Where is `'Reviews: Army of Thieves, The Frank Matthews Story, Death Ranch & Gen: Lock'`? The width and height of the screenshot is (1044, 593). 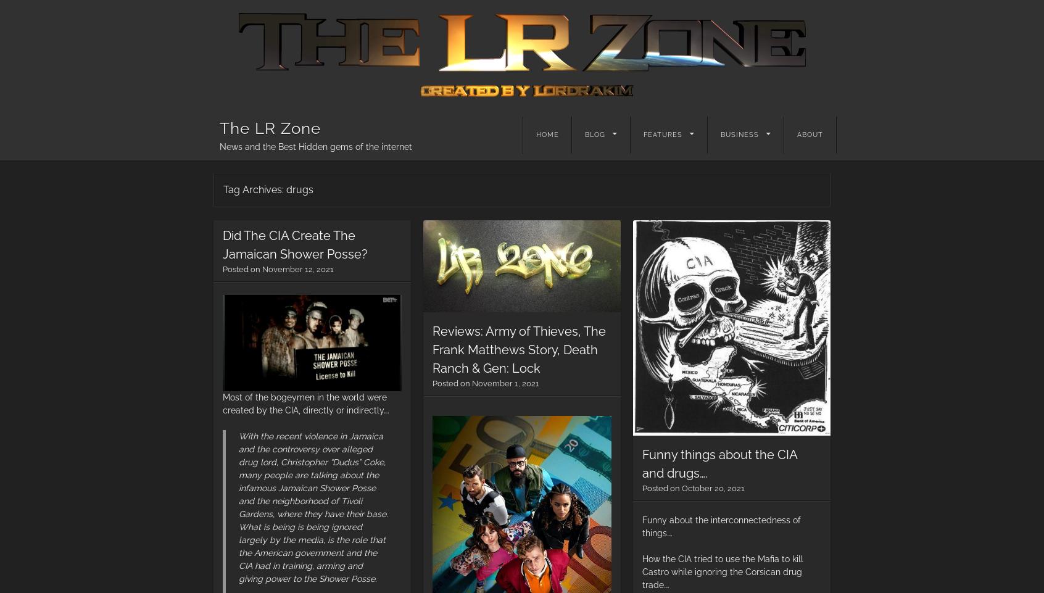
'Reviews: Army of Thieves, The Frank Matthews Story, Death Ranch & Gen: Lock' is located at coordinates (519, 349).